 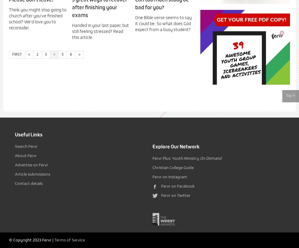 What do you see at coordinates (32, 174) in the screenshot?
I see `'Article submissions'` at bounding box center [32, 174].